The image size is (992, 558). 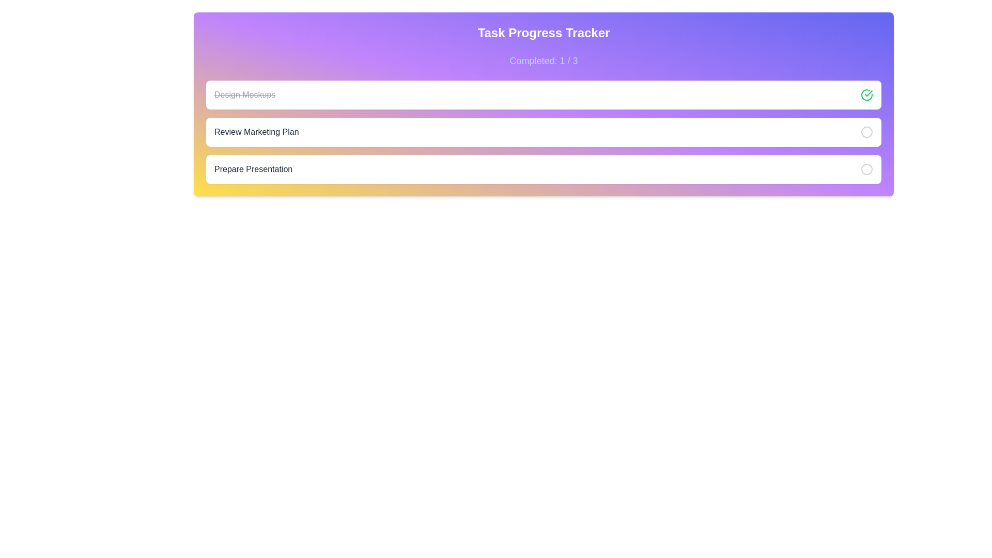 What do you see at coordinates (244, 95) in the screenshot?
I see `the task title text to toggle its completion status` at bounding box center [244, 95].